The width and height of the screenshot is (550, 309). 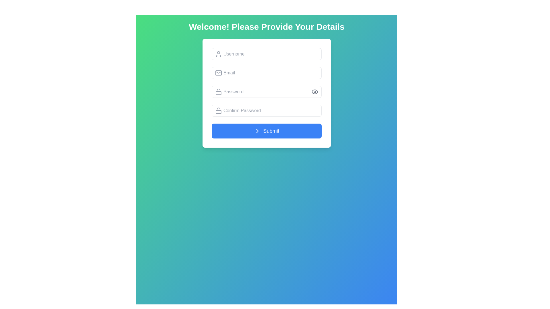 I want to click on the password confirmation input field to focus and start typing, which is the fourth input field in a vertical sequence within a centered white card layout, so click(x=266, y=110).